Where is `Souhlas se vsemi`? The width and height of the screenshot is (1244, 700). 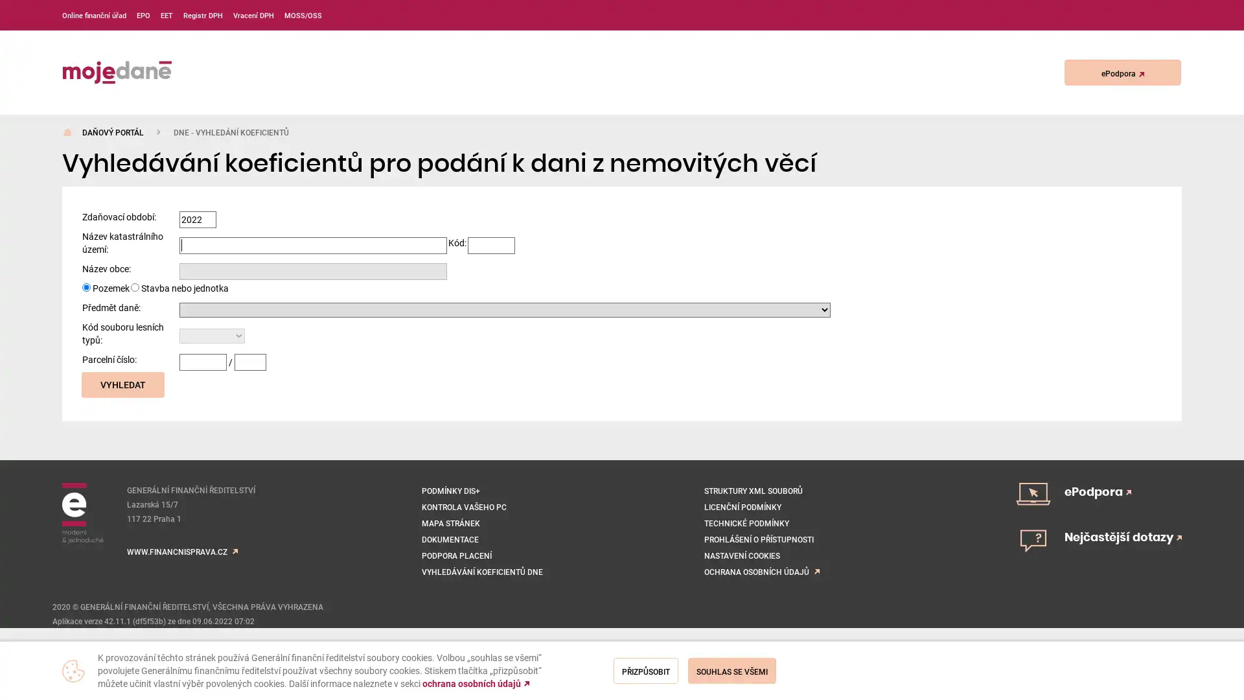 Souhlas se vsemi is located at coordinates (731, 670).